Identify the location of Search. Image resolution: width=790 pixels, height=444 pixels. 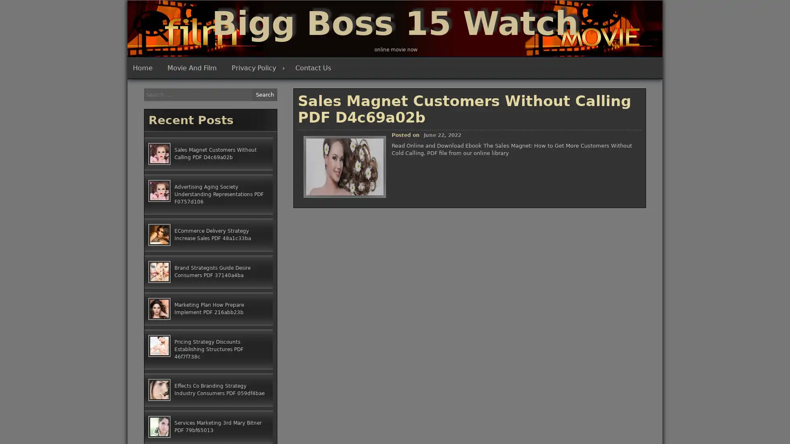
(265, 94).